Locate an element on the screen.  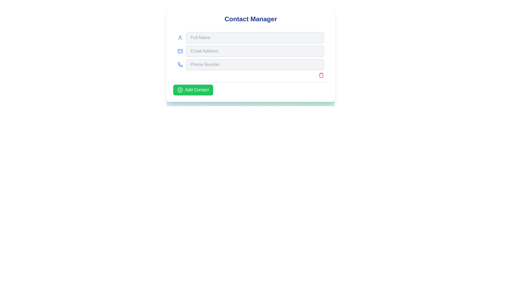
the 'Add Contact' text label within the button located at the bottom center of the interface is located at coordinates (196, 90).